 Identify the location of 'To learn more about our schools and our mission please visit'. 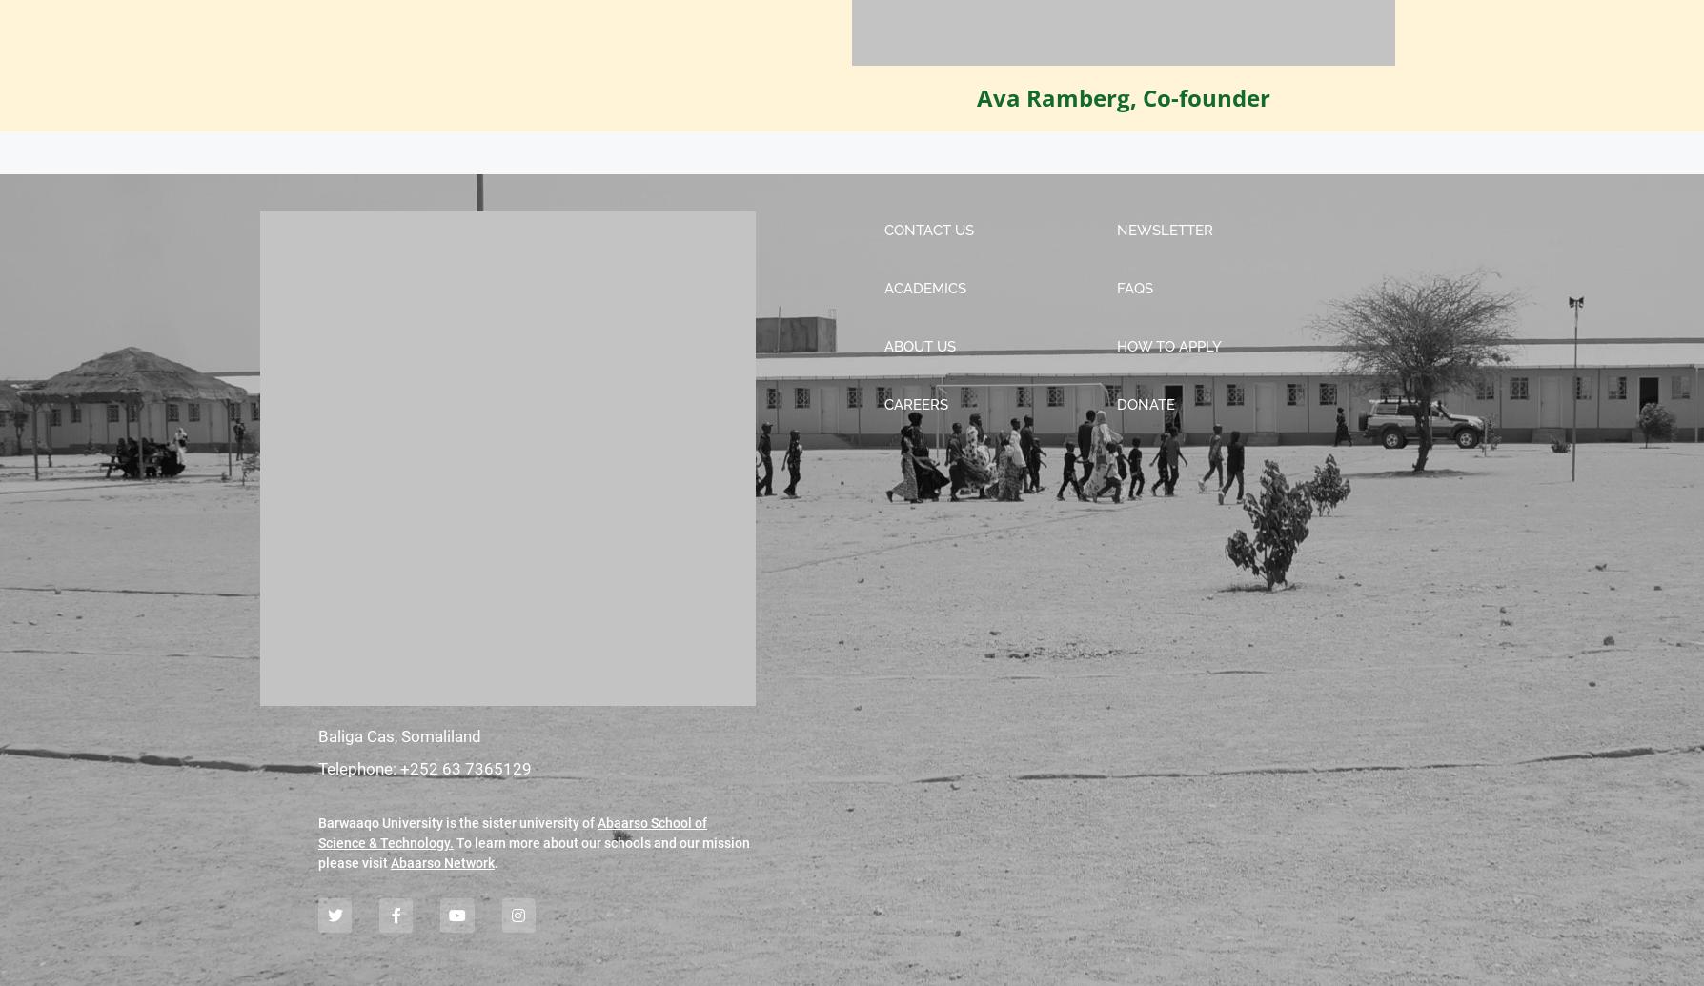
(534, 852).